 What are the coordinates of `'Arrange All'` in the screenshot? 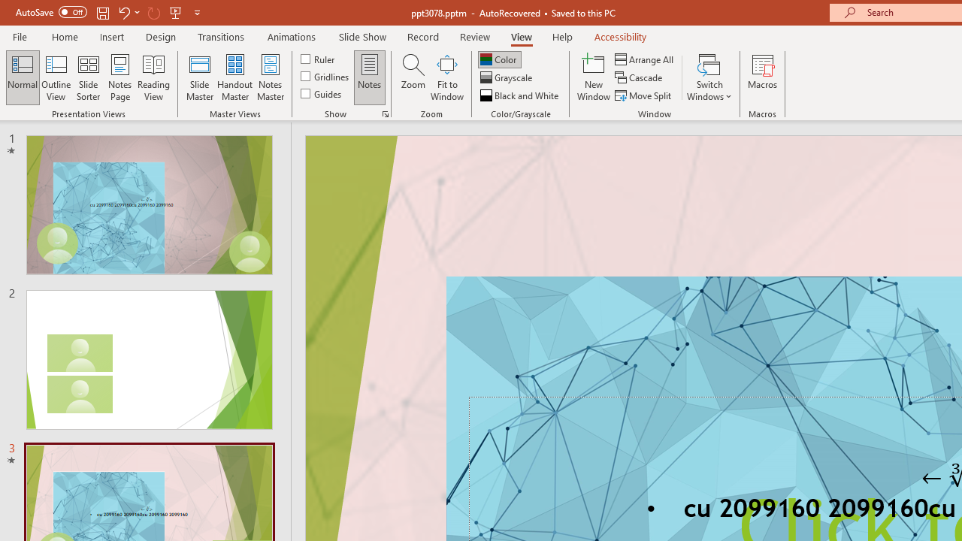 It's located at (645, 59).